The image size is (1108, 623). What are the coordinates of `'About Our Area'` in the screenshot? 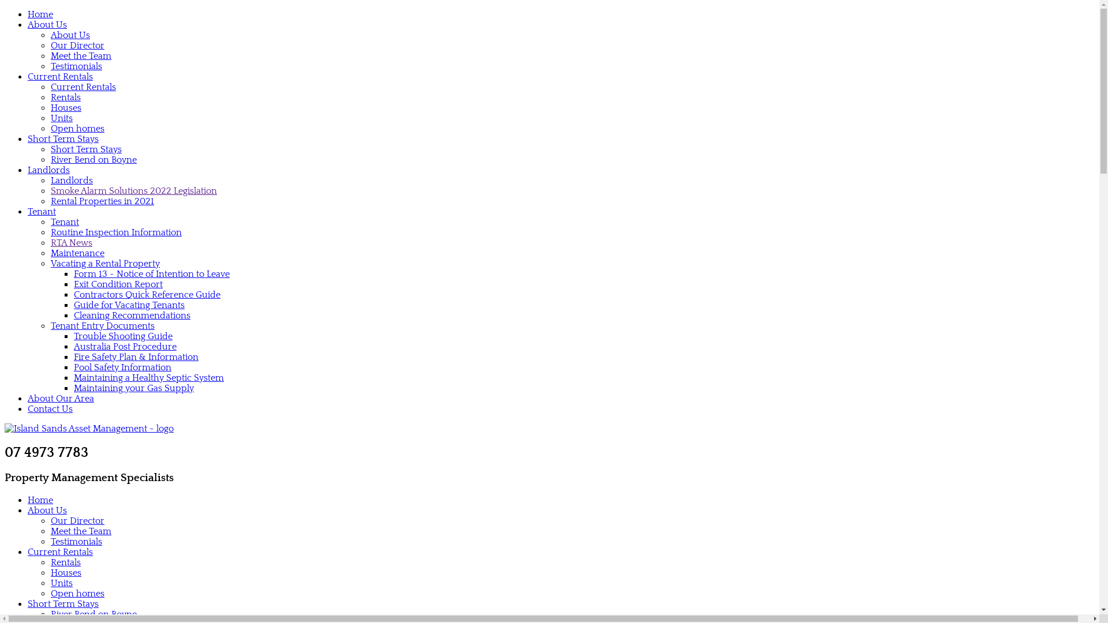 It's located at (60, 397).